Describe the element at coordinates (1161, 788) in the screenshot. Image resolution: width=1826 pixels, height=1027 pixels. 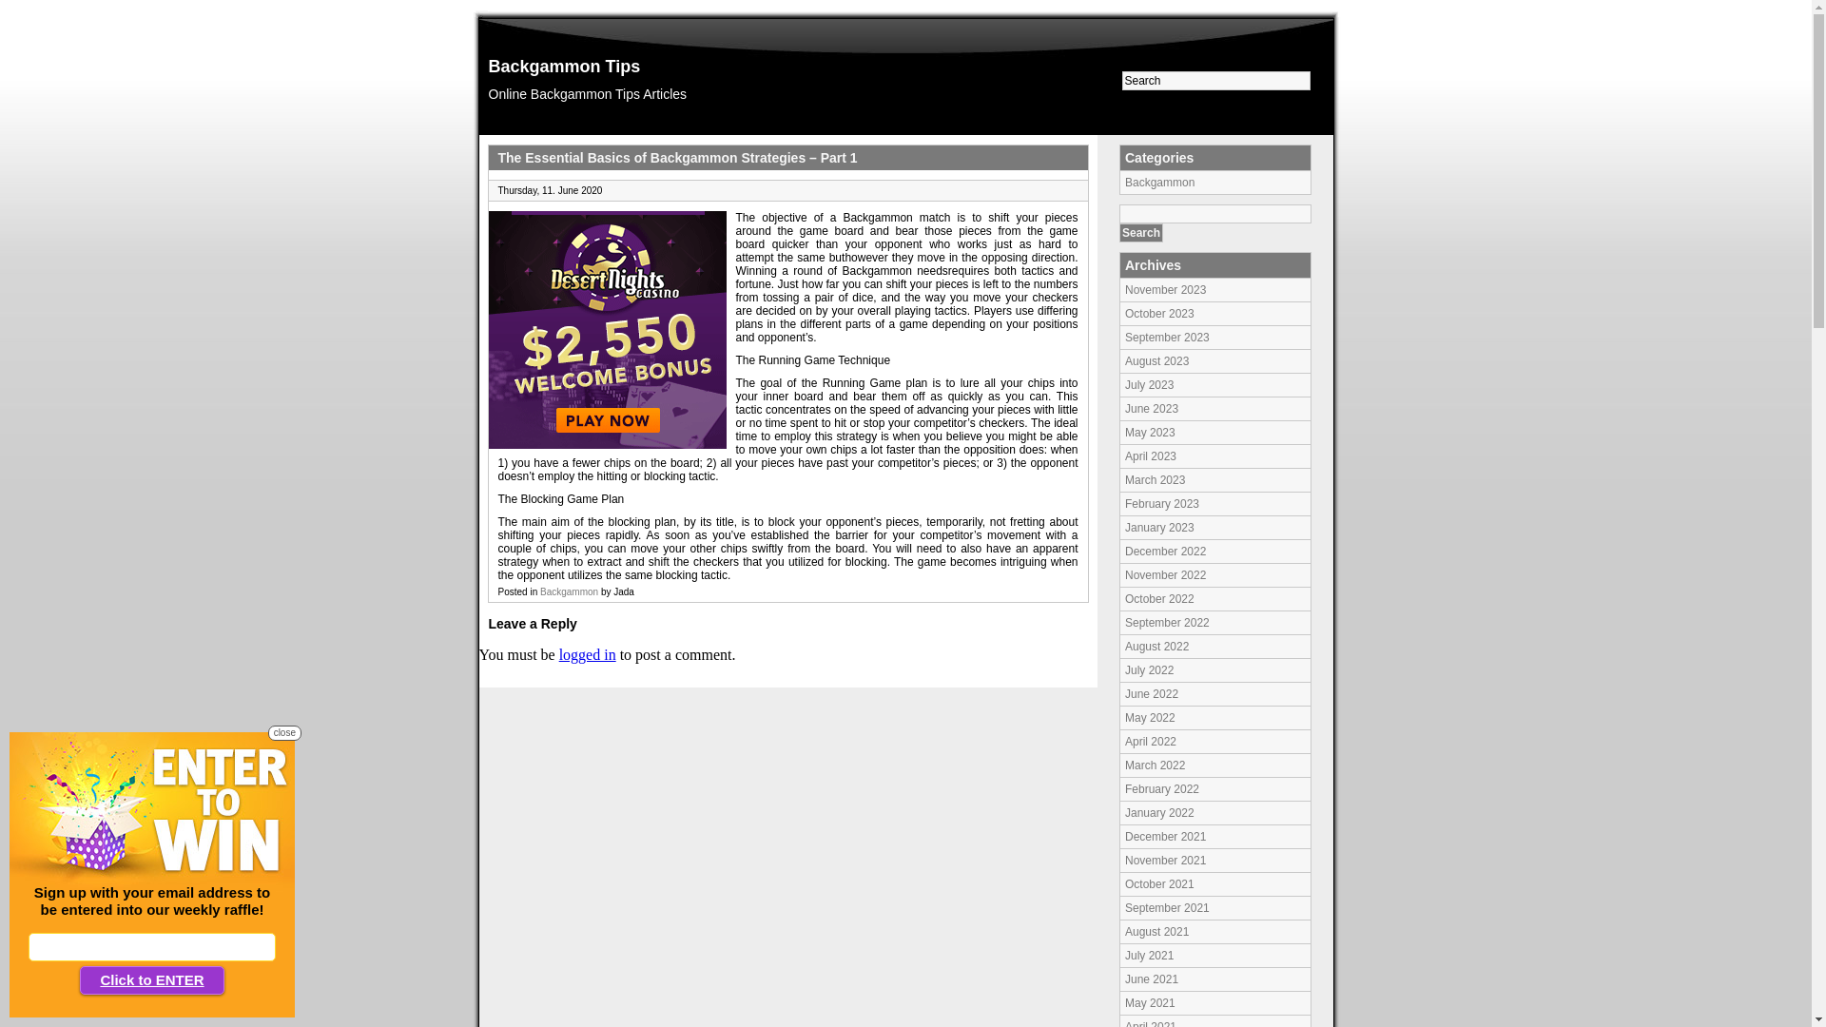
I see `'February 2022'` at that location.